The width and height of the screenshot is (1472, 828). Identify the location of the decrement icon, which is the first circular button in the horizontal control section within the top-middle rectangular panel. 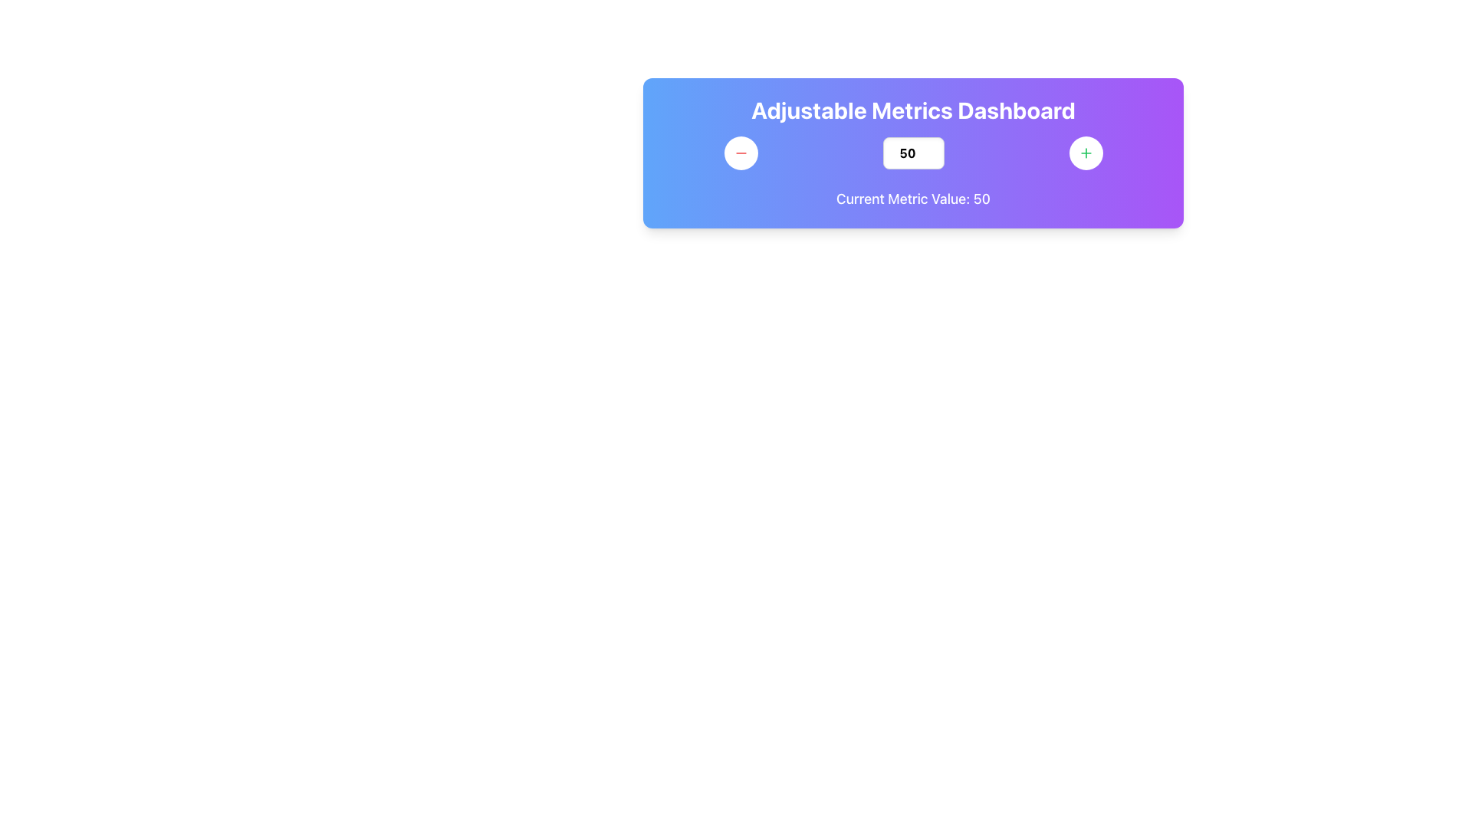
(741, 153).